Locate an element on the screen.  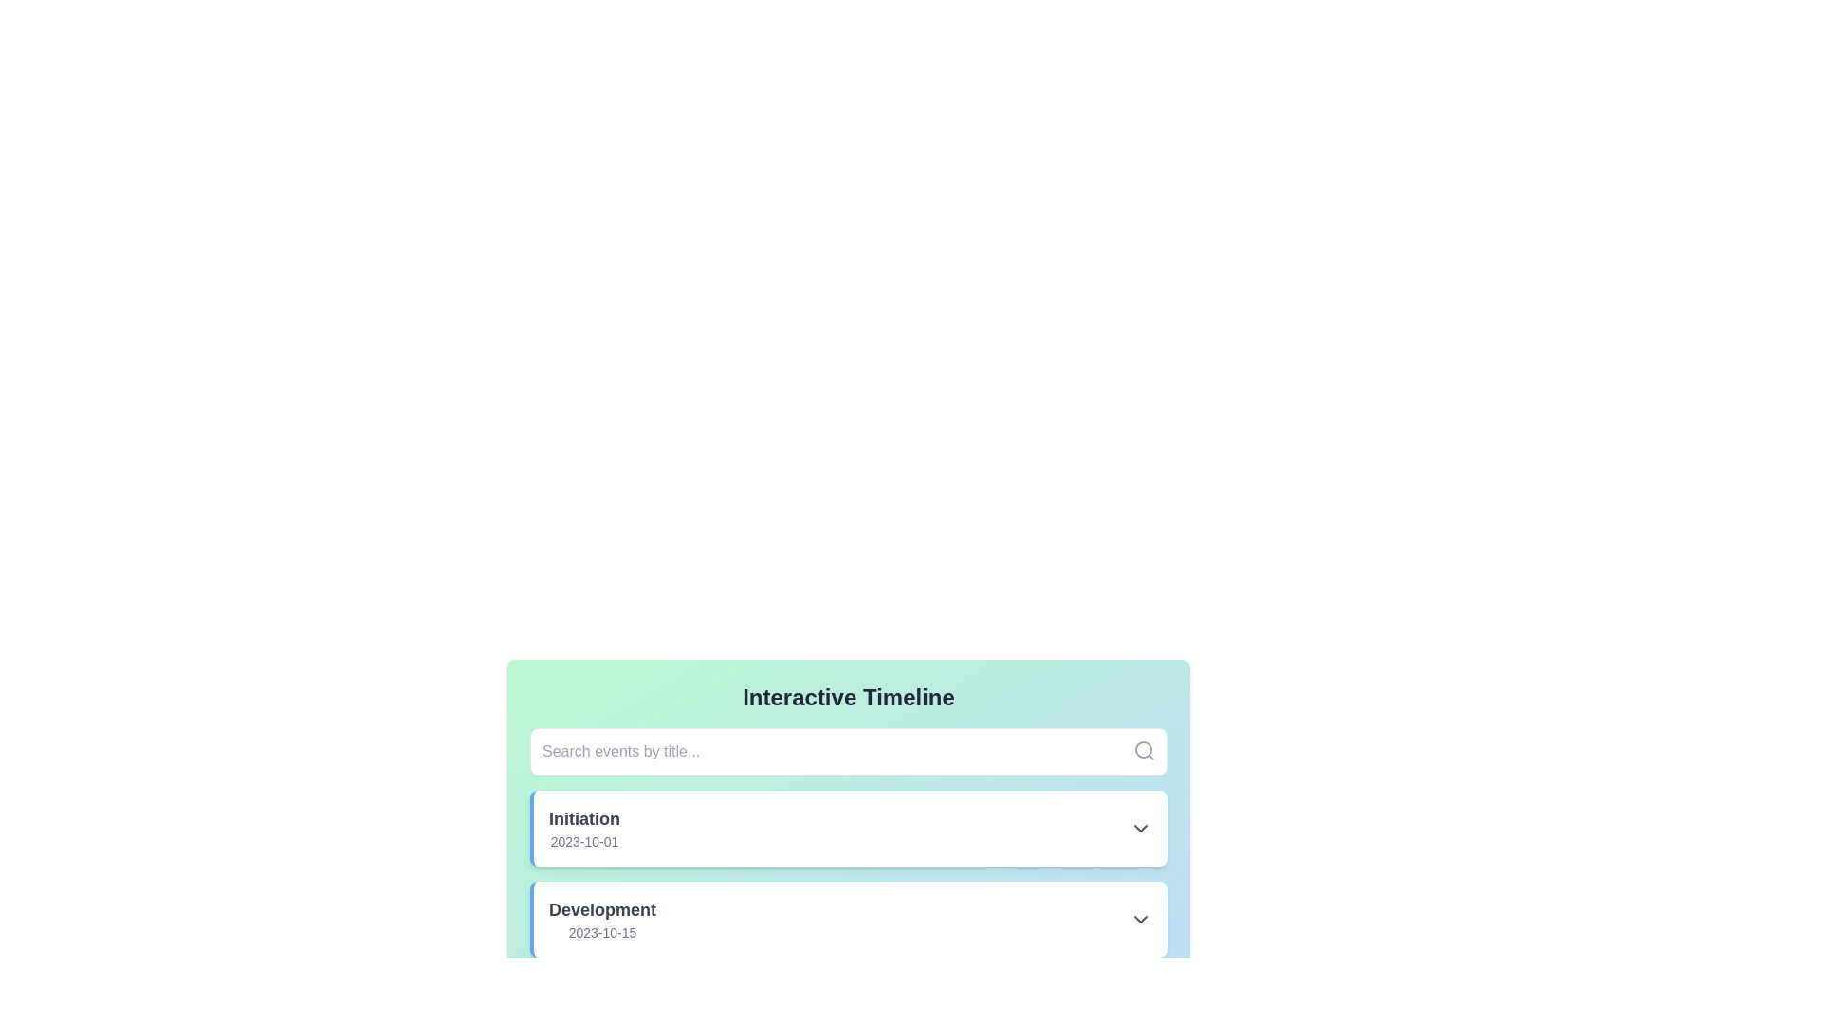
the timeline event labeled 'Initiation' dated '2023-10-01' is located at coordinates (850, 828).